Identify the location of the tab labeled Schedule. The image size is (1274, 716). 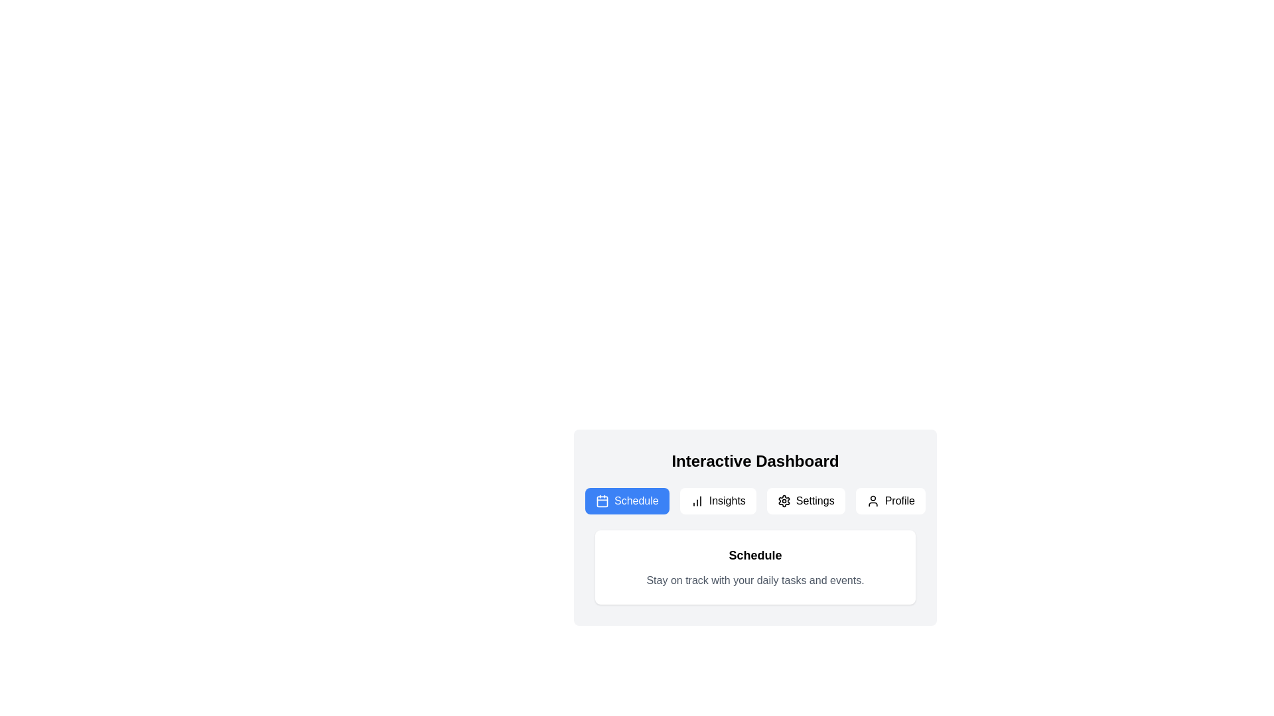
(626, 501).